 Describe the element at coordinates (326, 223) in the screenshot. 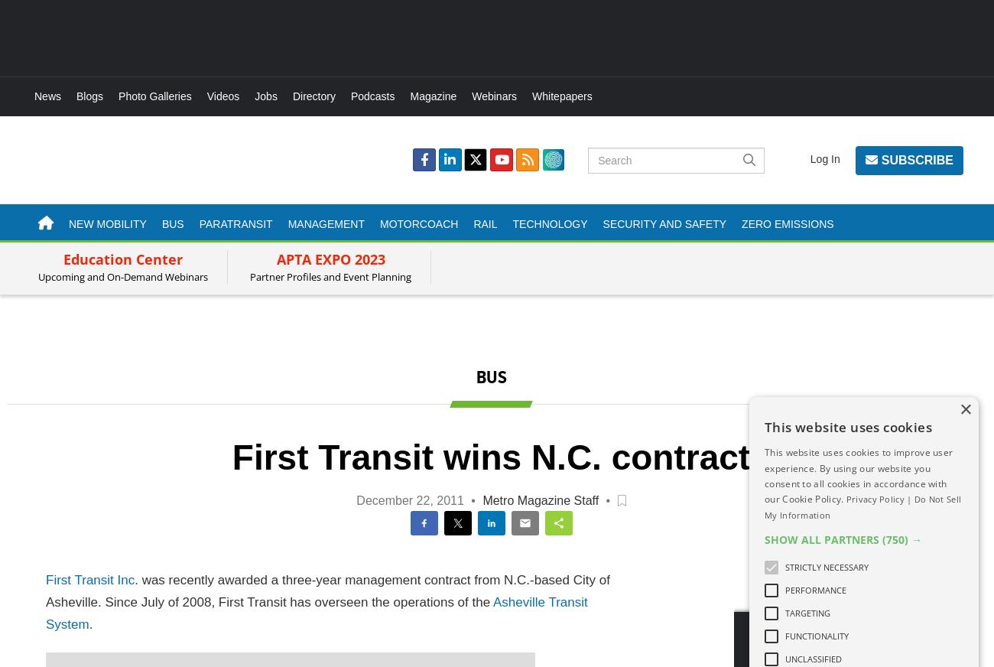

I see `'Management'` at that location.